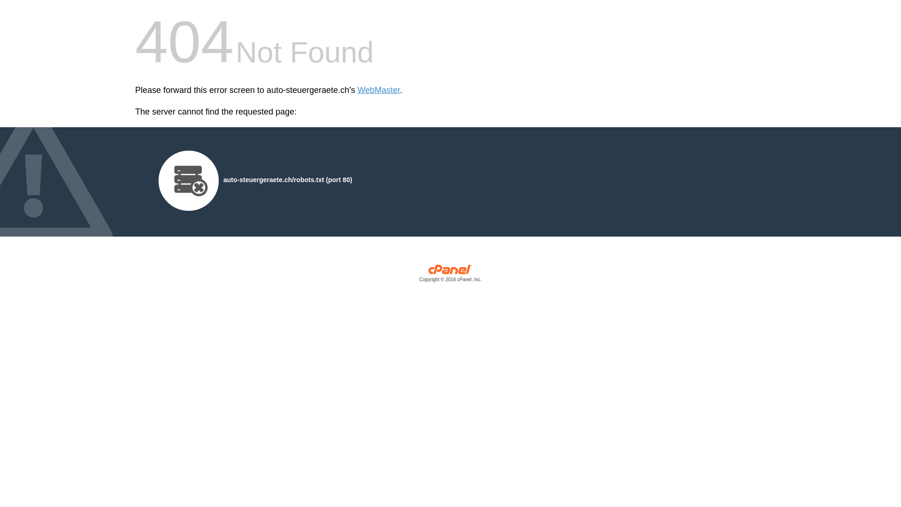 The width and height of the screenshot is (901, 507). Describe the element at coordinates (357, 90) in the screenshot. I see `'WebMaster'` at that location.